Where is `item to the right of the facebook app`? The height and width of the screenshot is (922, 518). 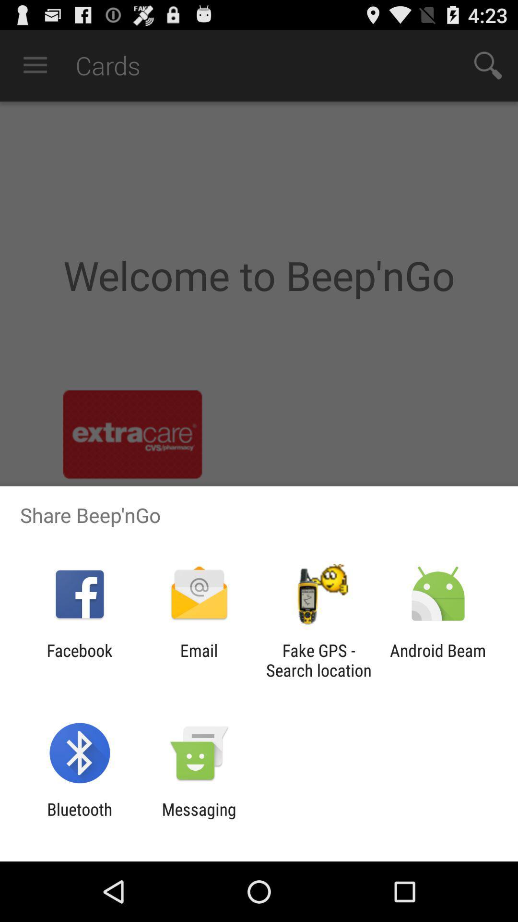 item to the right of the facebook app is located at coordinates (199, 660).